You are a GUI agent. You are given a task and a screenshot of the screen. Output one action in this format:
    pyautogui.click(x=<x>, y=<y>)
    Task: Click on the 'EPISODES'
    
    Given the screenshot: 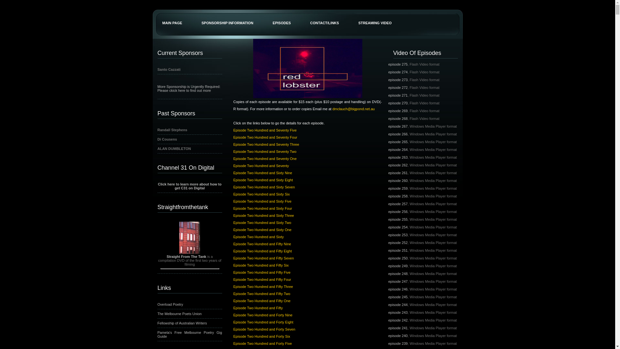 What is the action you would take?
    pyautogui.click(x=282, y=16)
    